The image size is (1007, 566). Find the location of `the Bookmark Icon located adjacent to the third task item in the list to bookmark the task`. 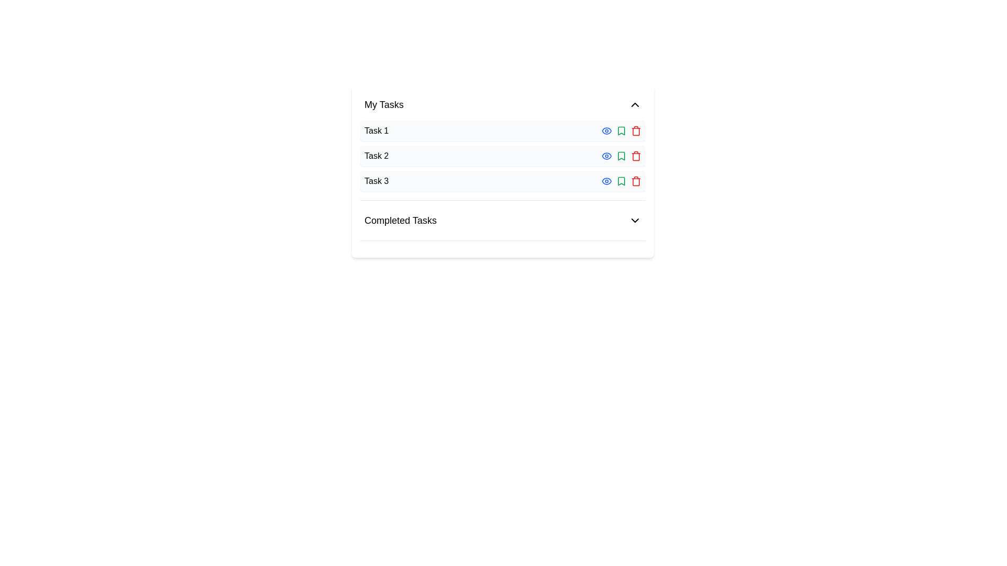

the Bookmark Icon located adjacent to the third task item in the list to bookmark the task is located at coordinates (622, 130).